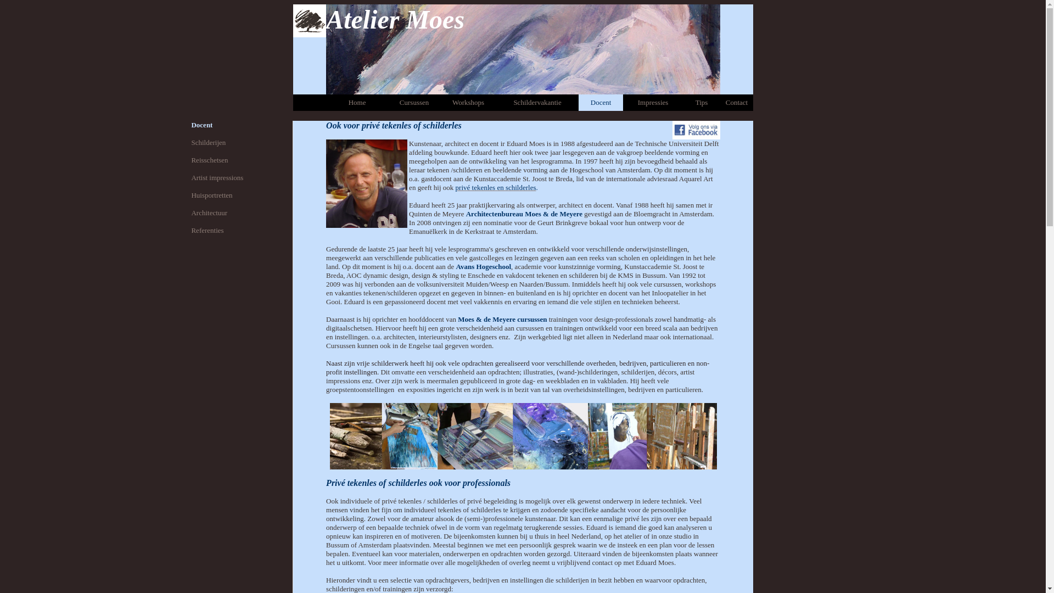  What do you see at coordinates (737, 102) in the screenshot?
I see `'Contact'` at bounding box center [737, 102].